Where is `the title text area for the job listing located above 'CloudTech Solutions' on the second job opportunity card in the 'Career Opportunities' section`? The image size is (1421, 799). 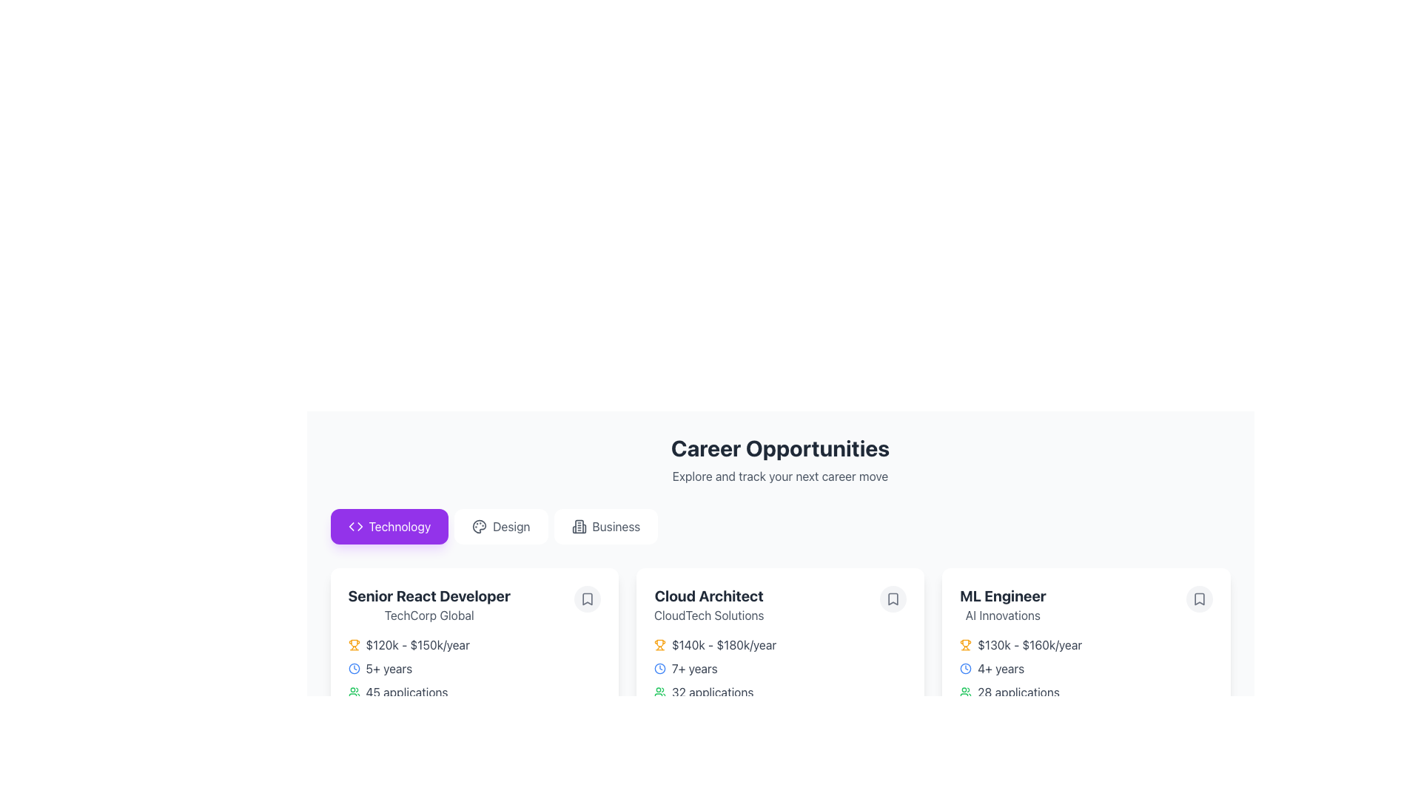
the title text area for the job listing located above 'CloudTech Solutions' on the second job opportunity card in the 'Career Opportunities' section is located at coordinates (708, 596).